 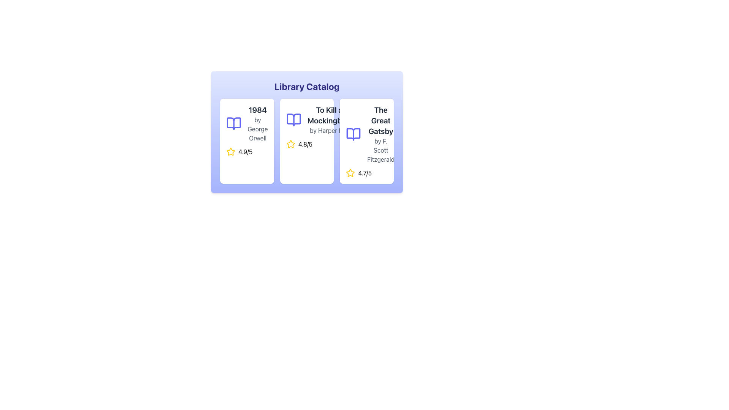 I want to click on the visual aesthetic of the book icon located centrally in the second card of the 'Library Catalog', positioned above the book title text, so click(x=293, y=120).